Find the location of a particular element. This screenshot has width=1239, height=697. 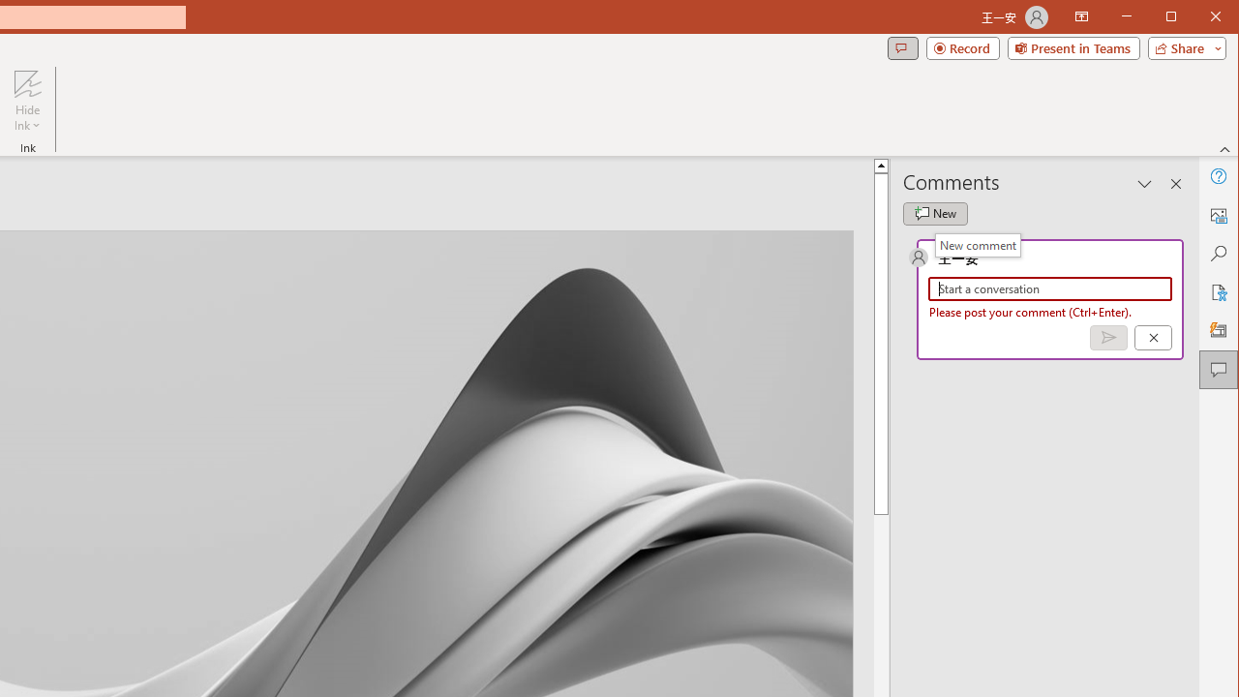

'Cancel' is located at coordinates (1153, 337).